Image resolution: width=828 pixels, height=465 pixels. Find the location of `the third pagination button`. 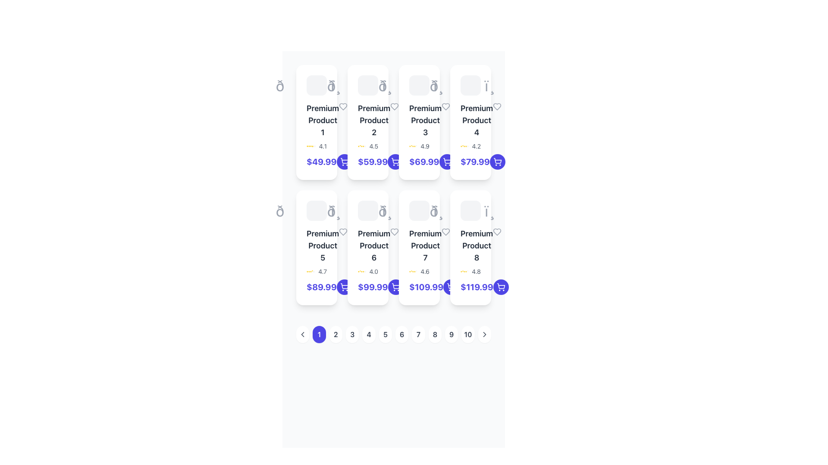

the third pagination button is located at coordinates (352, 334).